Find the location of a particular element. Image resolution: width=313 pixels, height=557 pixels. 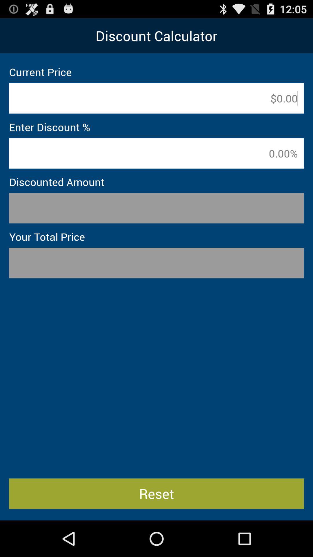

discount value is located at coordinates (156, 153).